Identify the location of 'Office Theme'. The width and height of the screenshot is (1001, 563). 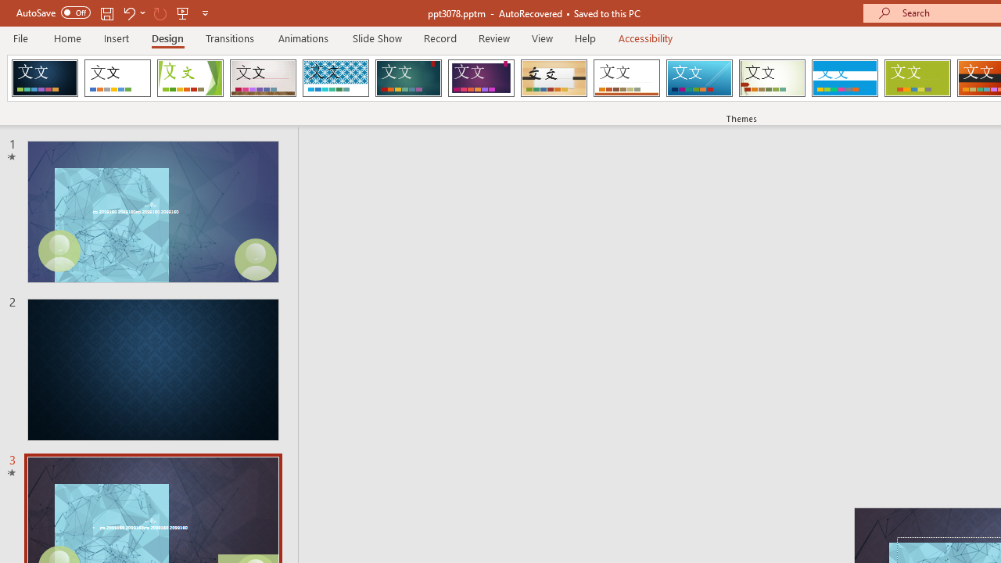
(117, 78).